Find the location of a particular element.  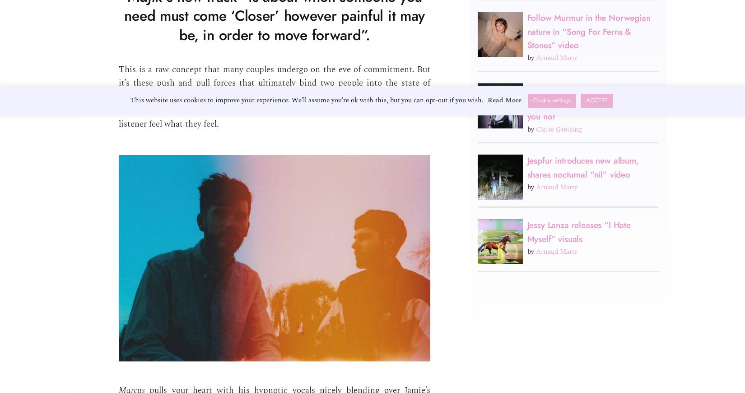

'Follow Murmur in the Norwegian nature in “Song For Ferns & Stones” video' is located at coordinates (588, 31).